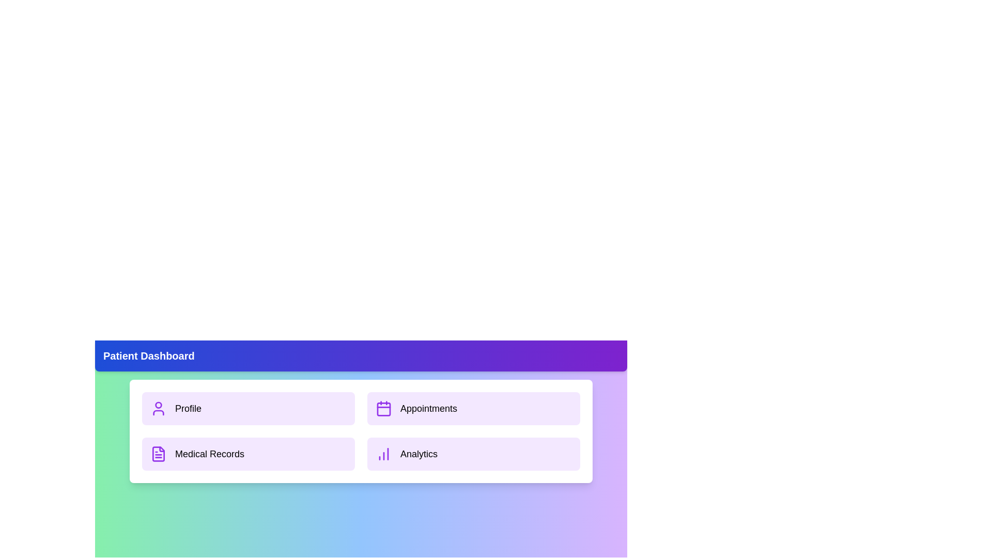  Describe the element at coordinates (361, 355) in the screenshot. I see `the header to toggle the menu visibility` at that location.